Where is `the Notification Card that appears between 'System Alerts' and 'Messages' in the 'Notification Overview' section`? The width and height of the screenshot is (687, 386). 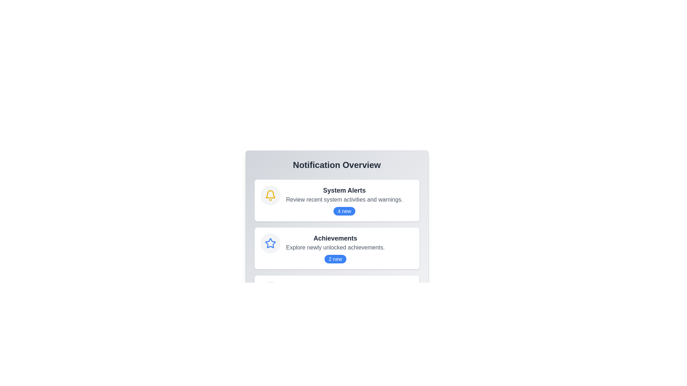
the Notification Card that appears between 'System Alerts' and 'Messages' in the 'Notification Overview' section is located at coordinates (336, 248).